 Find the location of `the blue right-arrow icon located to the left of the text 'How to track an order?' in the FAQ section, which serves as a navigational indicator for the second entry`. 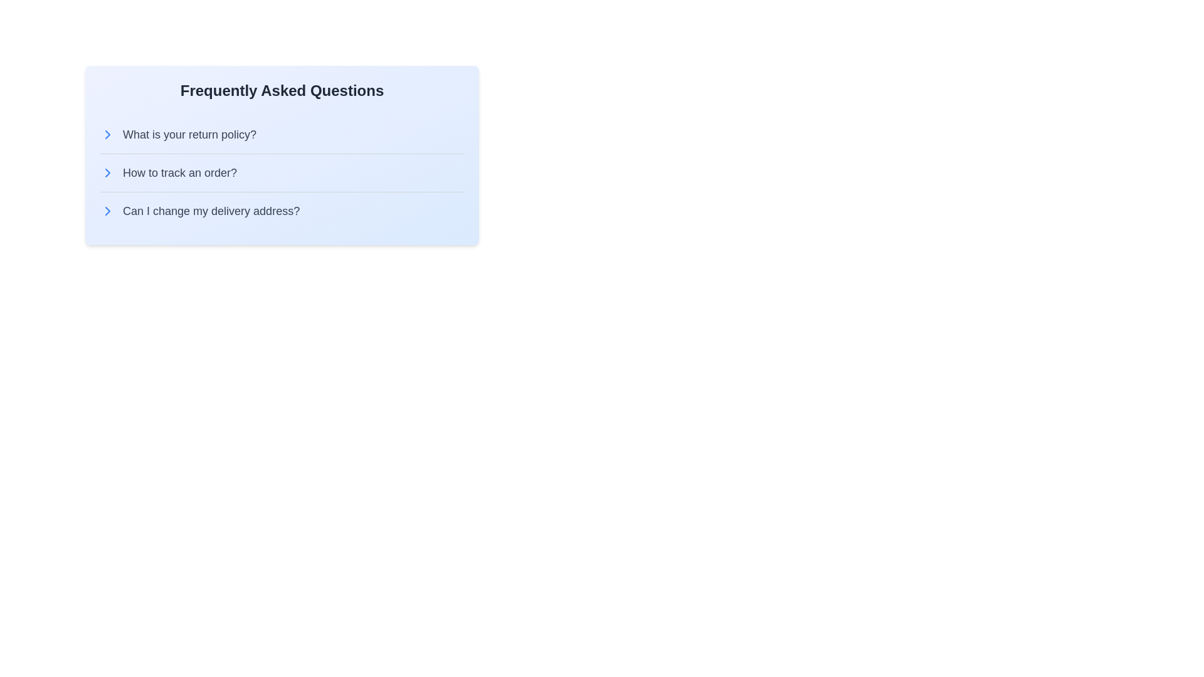

the blue right-arrow icon located to the left of the text 'How to track an order?' in the FAQ section, which serves as a navigational indicator for the second entry is located at coordinates (108, 173).